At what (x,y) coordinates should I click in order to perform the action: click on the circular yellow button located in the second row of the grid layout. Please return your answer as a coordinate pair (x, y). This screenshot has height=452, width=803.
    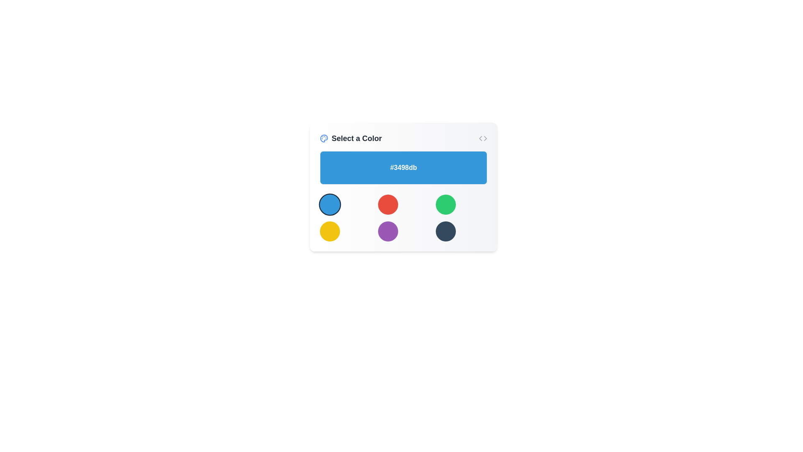
    Looking at the image, I should click on (329, 231).